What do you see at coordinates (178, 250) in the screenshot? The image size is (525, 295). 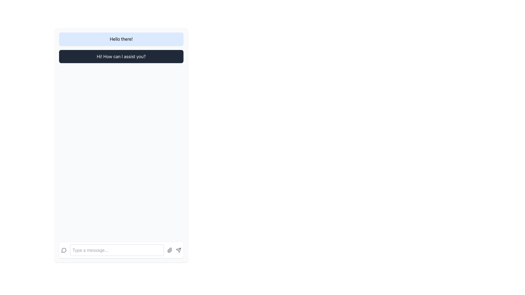 I see `the icon button resembling a paper plane, located at the far right side of the chat input area, to change its color from gray to blue` at bounding box center [178, 250].